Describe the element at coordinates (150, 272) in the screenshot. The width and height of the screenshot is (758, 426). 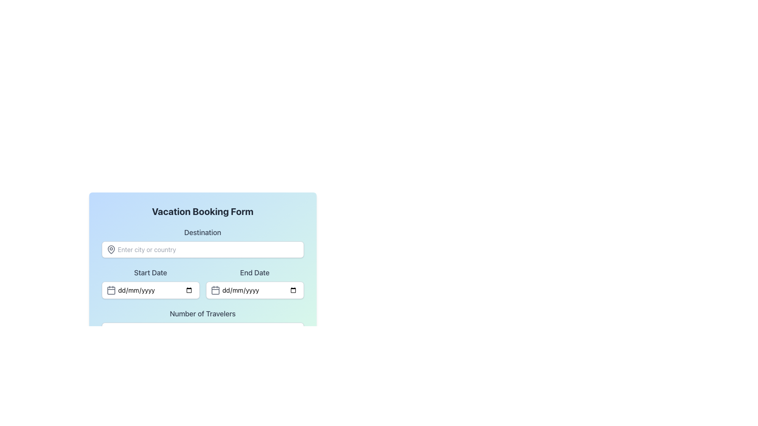
I see `the 'Start Date' text label, which is styled in bold dark gray and located in the middle section of the 'Vacation Booking Form', to the left of the 'End Date' label` at that location.